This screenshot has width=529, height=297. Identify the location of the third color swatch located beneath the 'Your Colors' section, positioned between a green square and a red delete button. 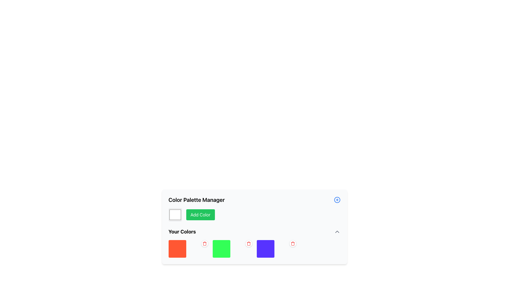
(265, 249).